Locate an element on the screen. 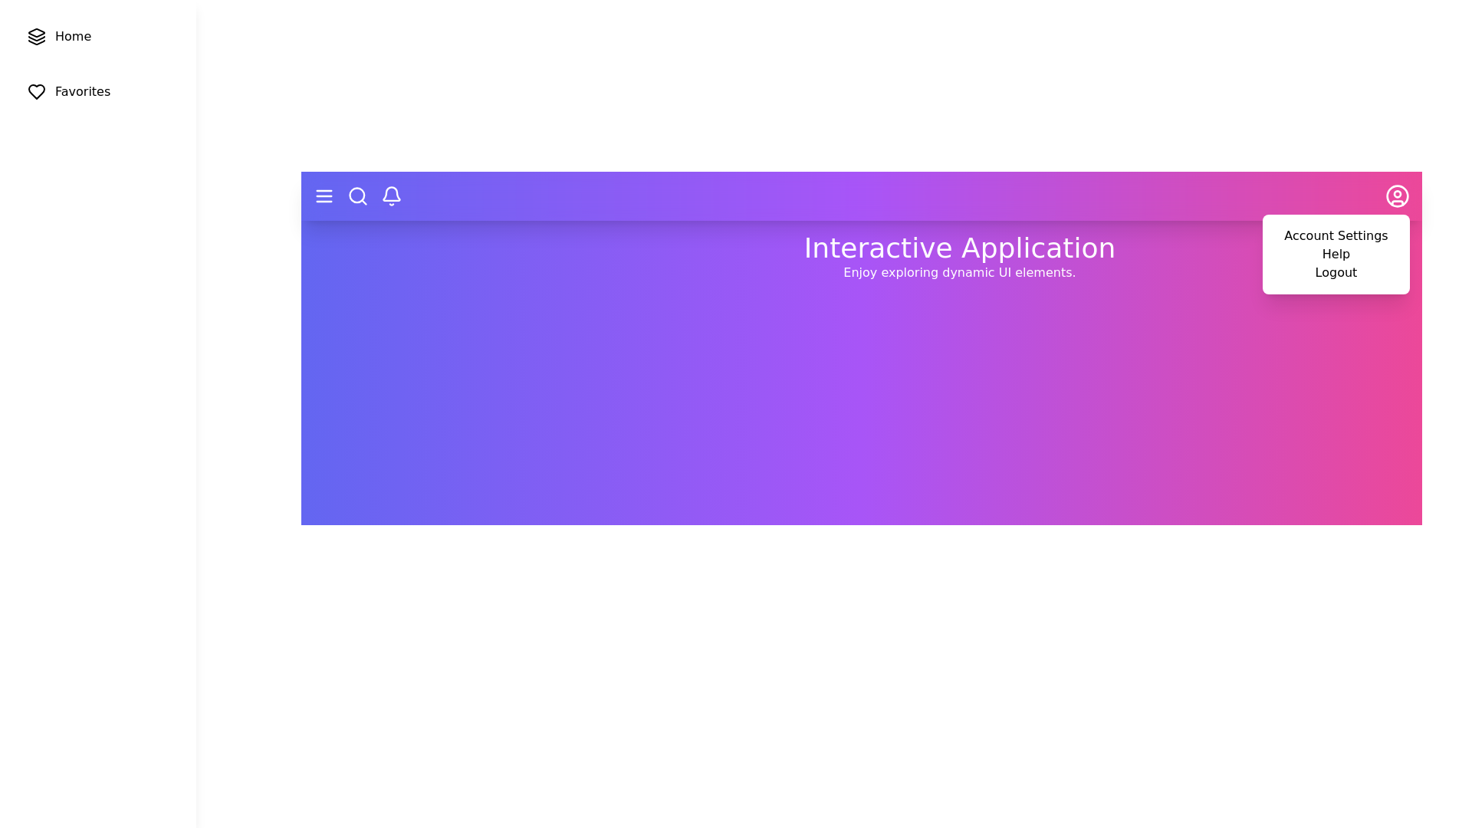 Image resolution: width=1472 pixels, height=828 pixels. the Logout option from the dropdown menu is located at coordinates (1335, 271).